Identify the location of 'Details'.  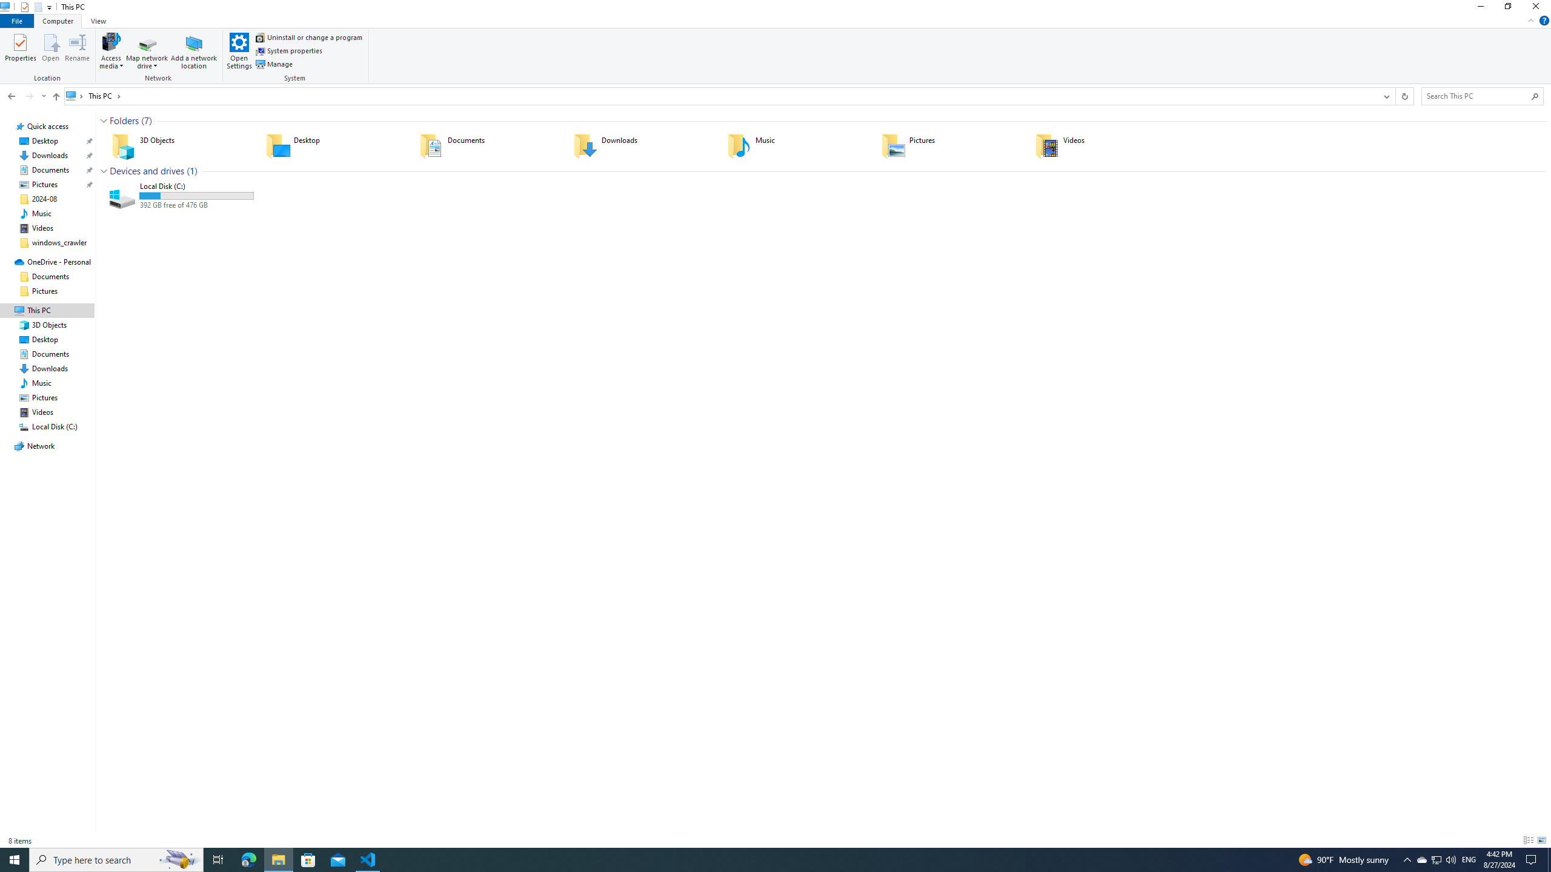
(1528, 840).